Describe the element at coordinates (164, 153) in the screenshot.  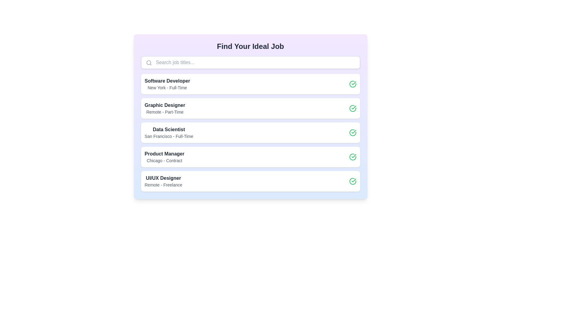
I see `the 'Product Manager' text label, which is displayed in bold dark gray within the third entry of the job board interface` at that location.